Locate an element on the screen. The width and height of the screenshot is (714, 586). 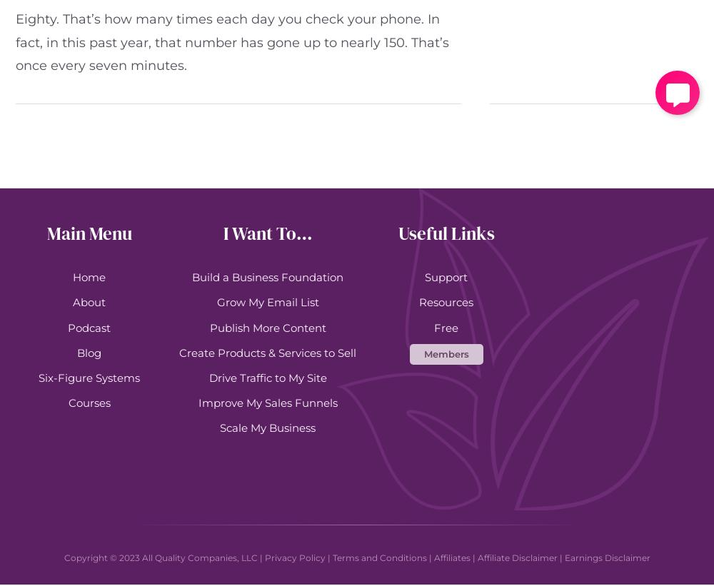
'Support' is located at coordinates (446, 276).